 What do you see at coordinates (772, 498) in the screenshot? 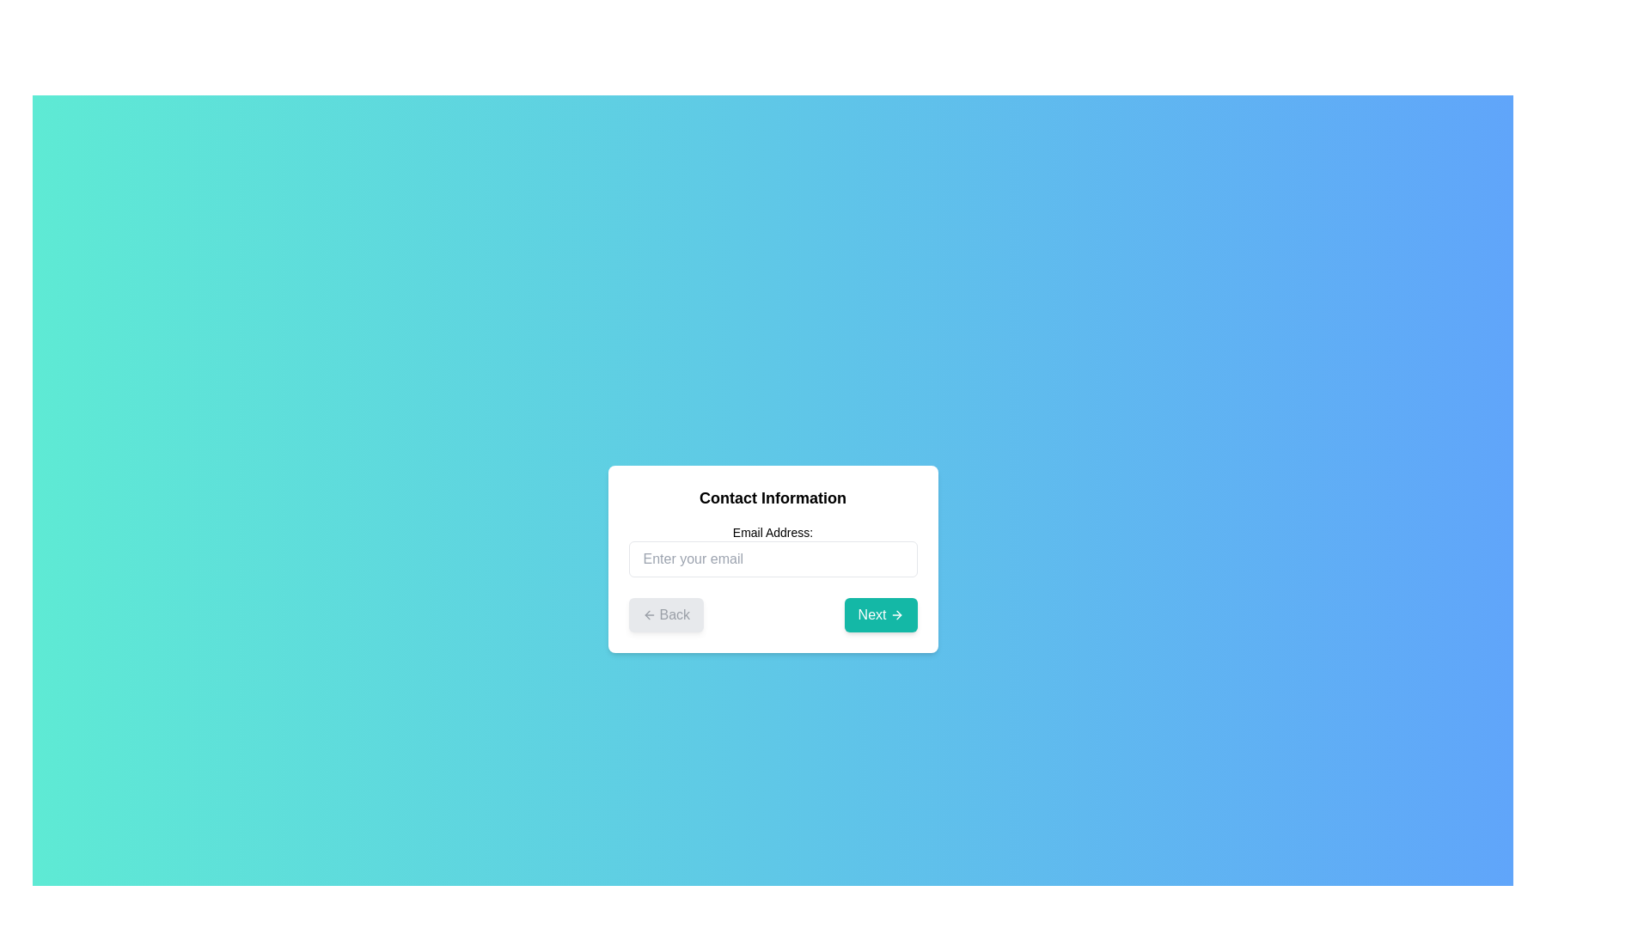
I see `text label that displays 'Contact Information', which is located in a modal above the 'Email Address' input field` at bounding box center [772, 498].